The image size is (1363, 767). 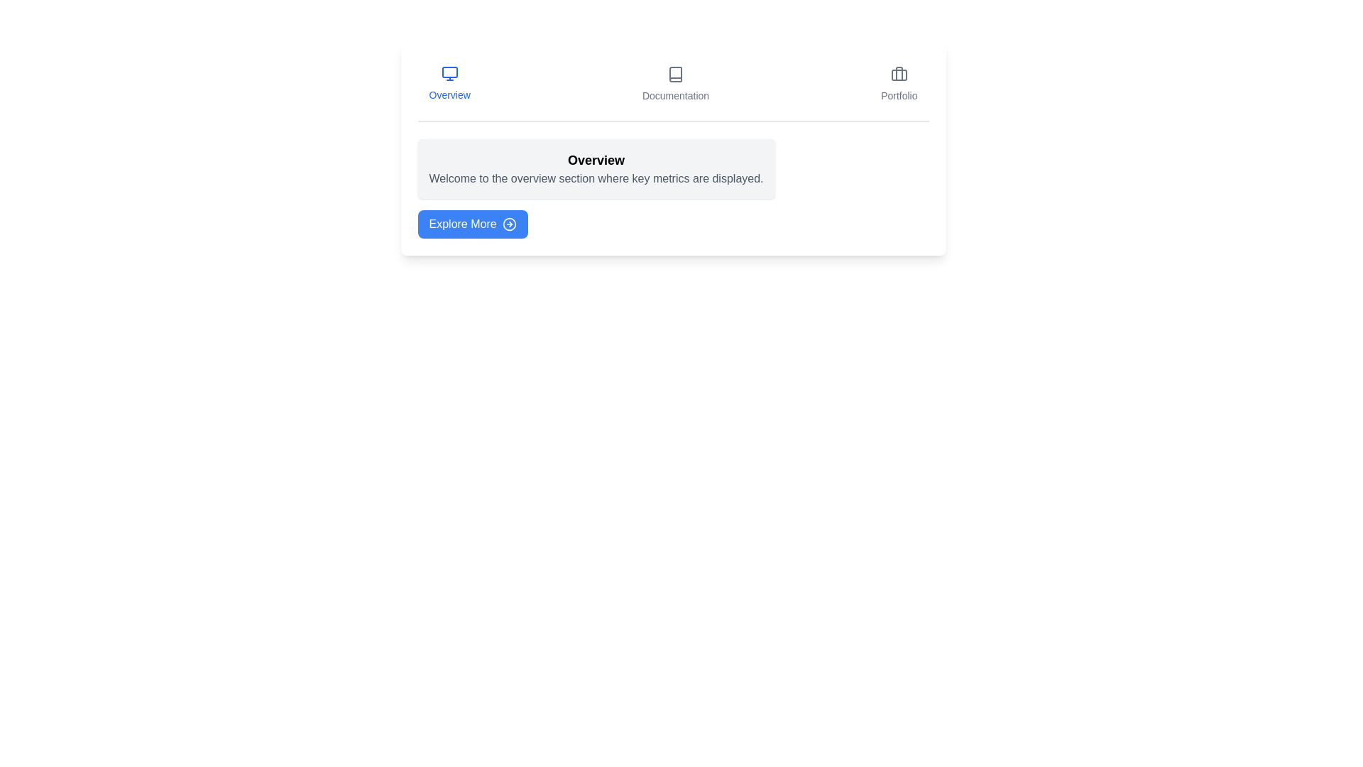 I want to click on the tab labeled Overview to preview its interactive effect, so click(x=449, y=85).